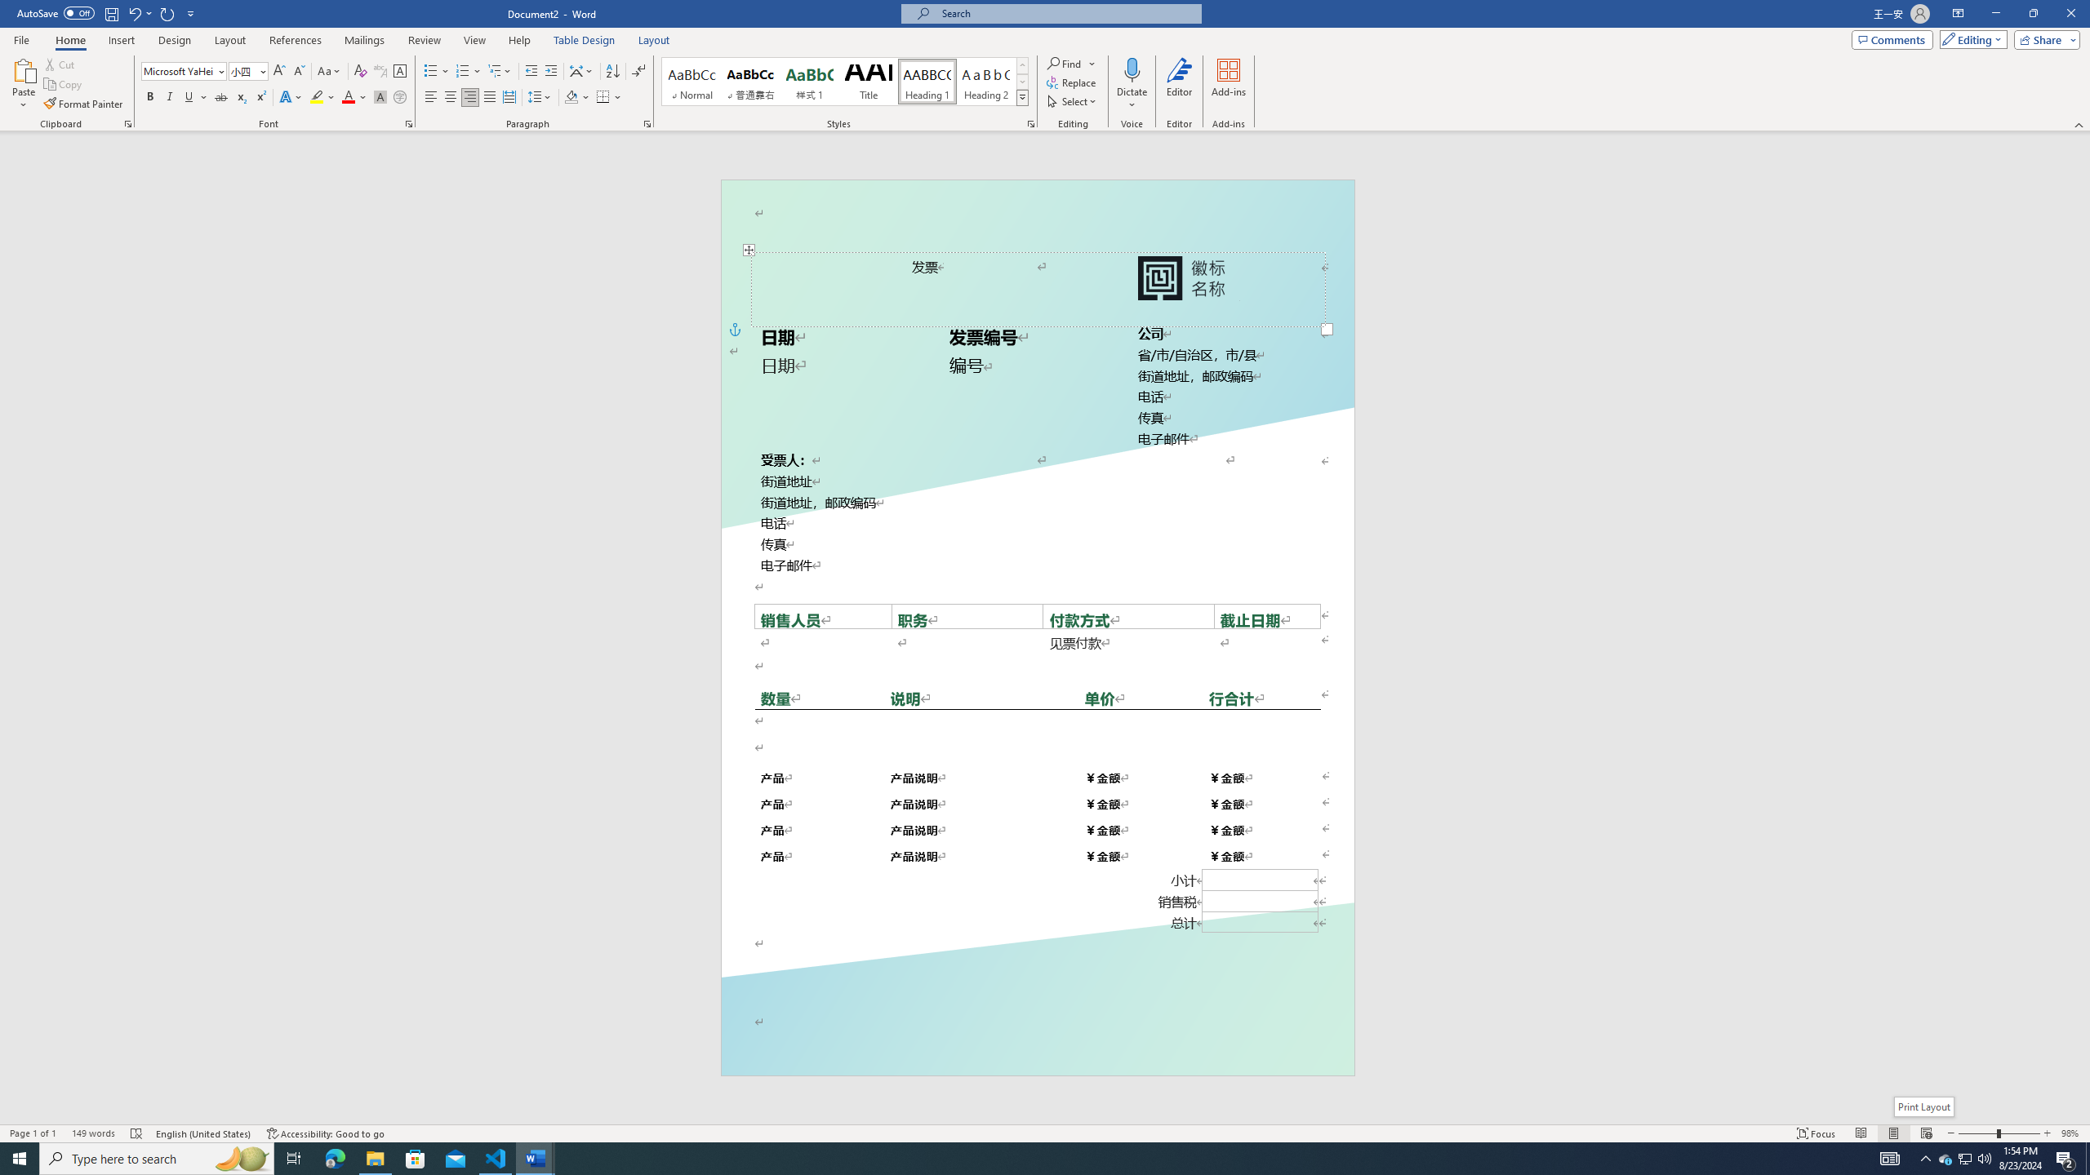  I want to click on 'Superscript', so click(259, 96).